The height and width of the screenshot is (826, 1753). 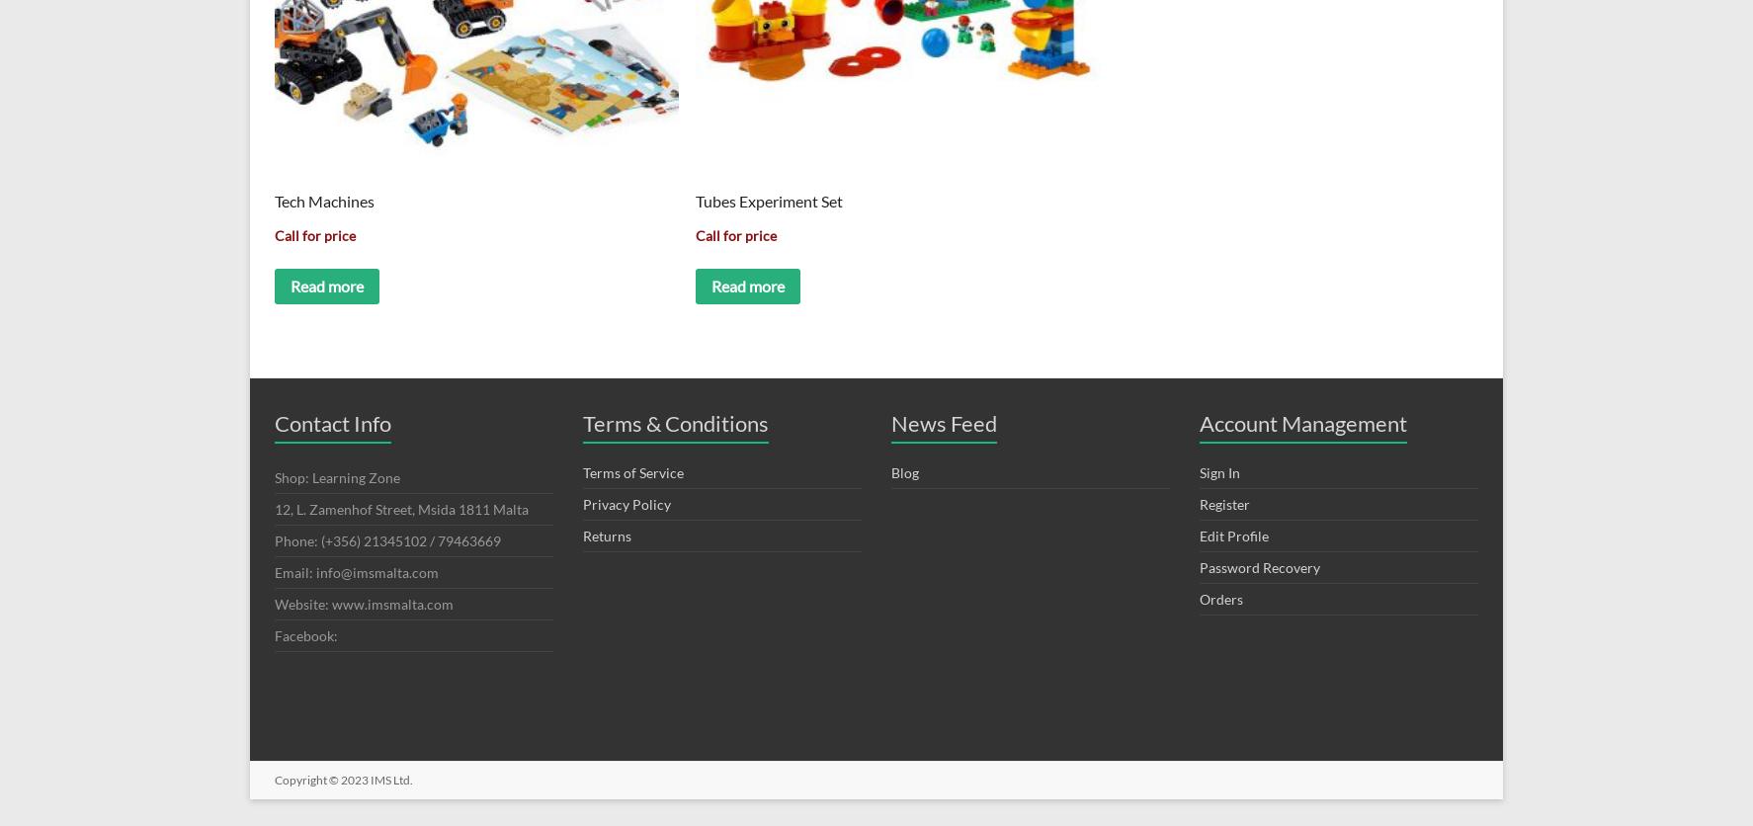 I want to click on 'Phone: (+356) 21345102 / 79463669', so click(x=386, y=538).